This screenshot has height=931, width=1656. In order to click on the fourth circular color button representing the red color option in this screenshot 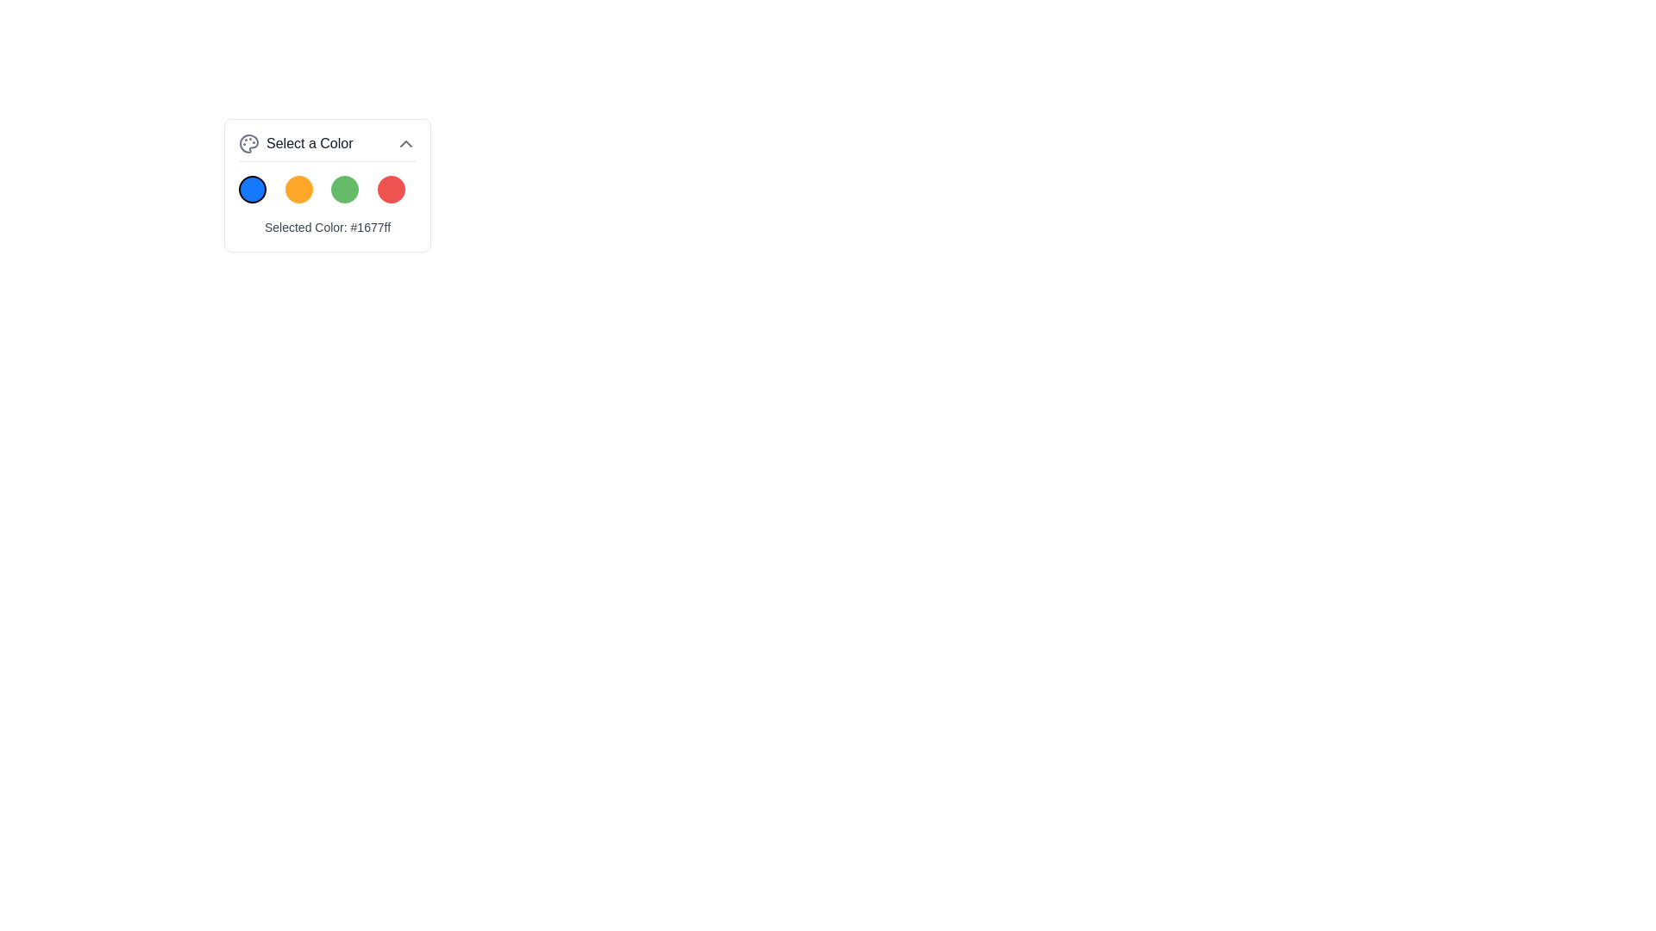, I will do `click(390, 189)`.